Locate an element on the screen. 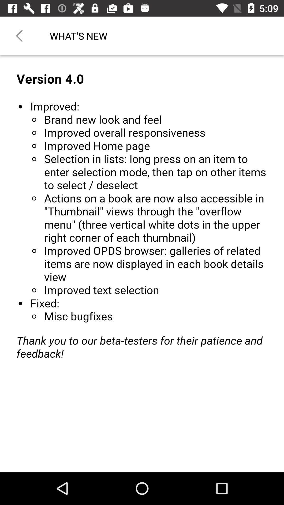 This screenshot has height=505, width=284. the icon next to the what's new icon is located at coordinates (19, 36).